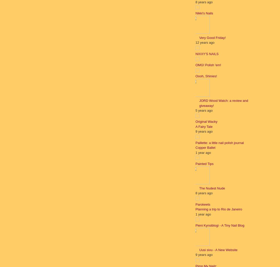 The height and width of the screenshot is (267, 280). What do you see at coordinates (212, 188) in the screenshot?
I see `'The Nudest Nude'` at bounding box center [212, 188].